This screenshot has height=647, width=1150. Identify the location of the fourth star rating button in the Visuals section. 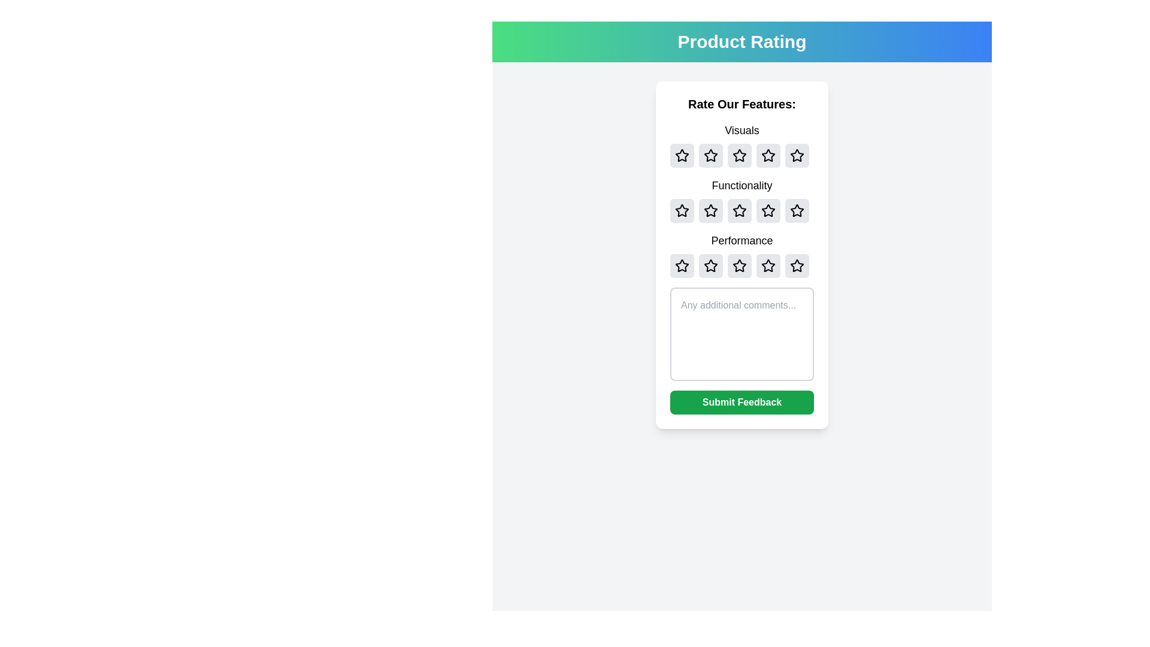
(768, 155).